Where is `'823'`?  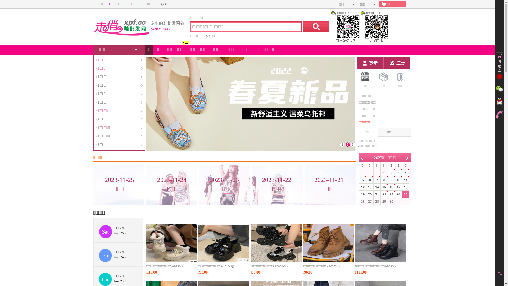
'823' is located at coordinates (208, 36).